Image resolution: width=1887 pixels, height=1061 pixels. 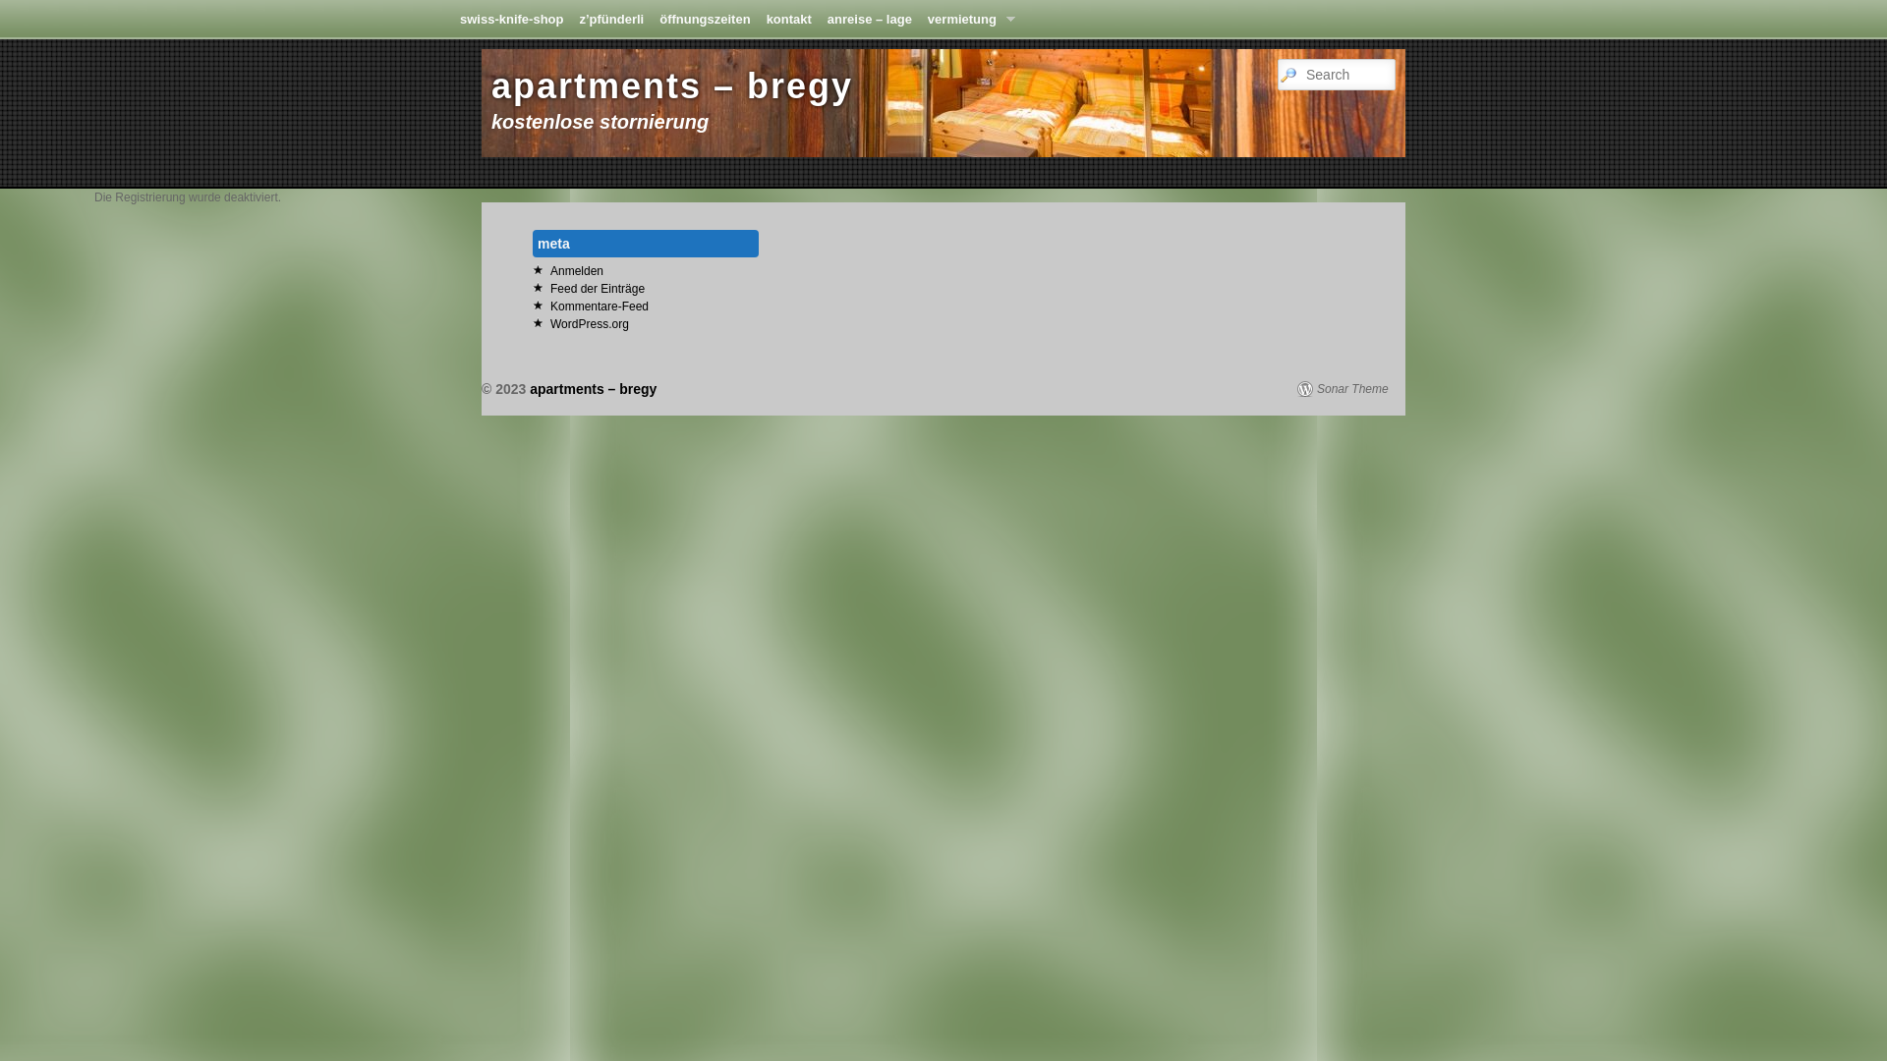 What do you see at coordinates (598, 307) in the screenshot?
I see `'Kommentare-Feed'` at bounding box center [598, 307].